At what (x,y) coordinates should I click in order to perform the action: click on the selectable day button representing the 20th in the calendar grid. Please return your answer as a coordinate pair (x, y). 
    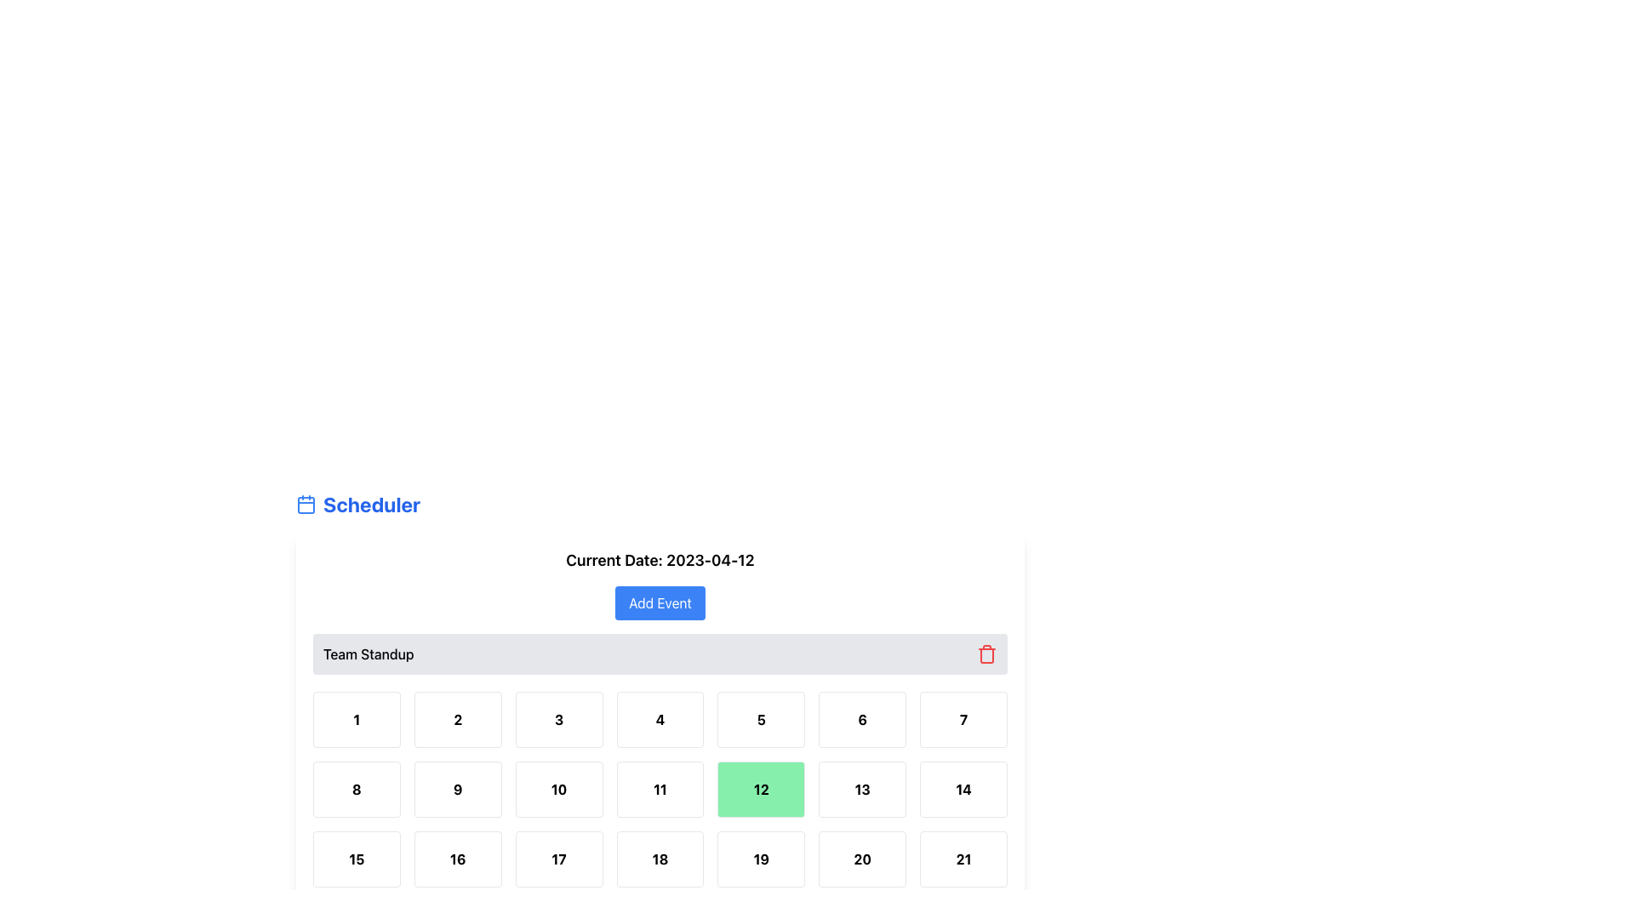
    Looking at the image, I should click on (862, 859).